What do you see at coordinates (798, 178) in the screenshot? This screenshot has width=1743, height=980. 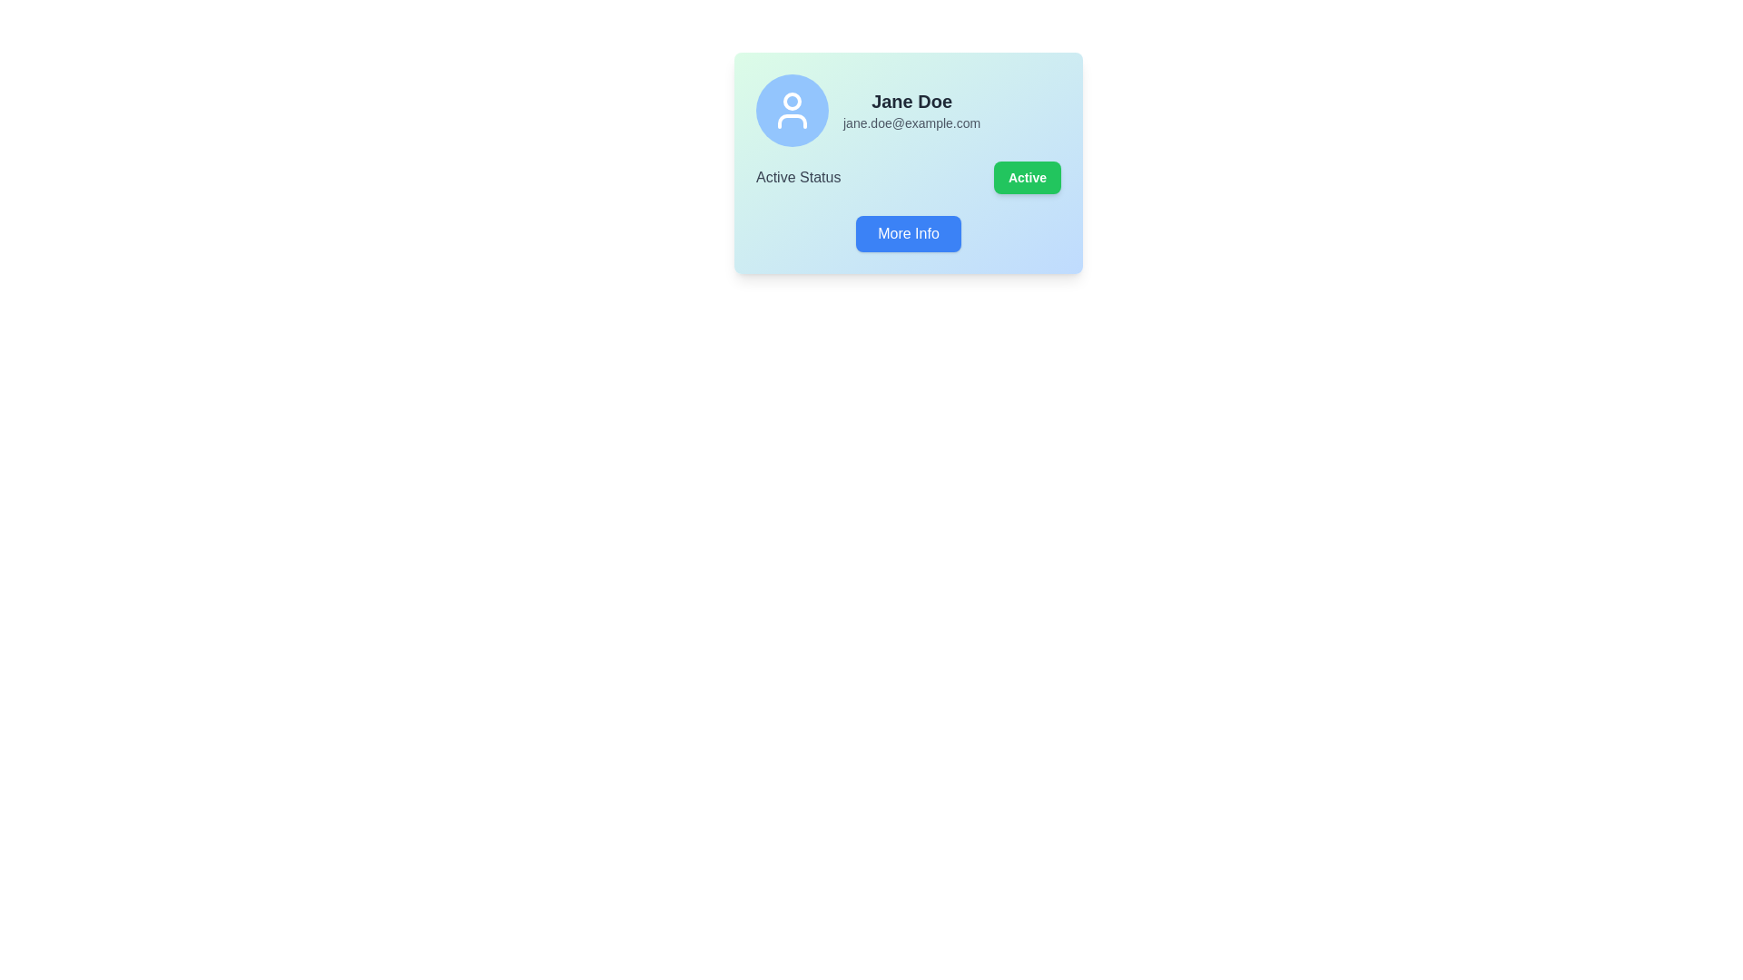 I see `label 'Active Status' which is displayed in a medium-bold gray-colored font, positioned to the left of the green button labeled 'Active'` at bounding box center [798, 178].